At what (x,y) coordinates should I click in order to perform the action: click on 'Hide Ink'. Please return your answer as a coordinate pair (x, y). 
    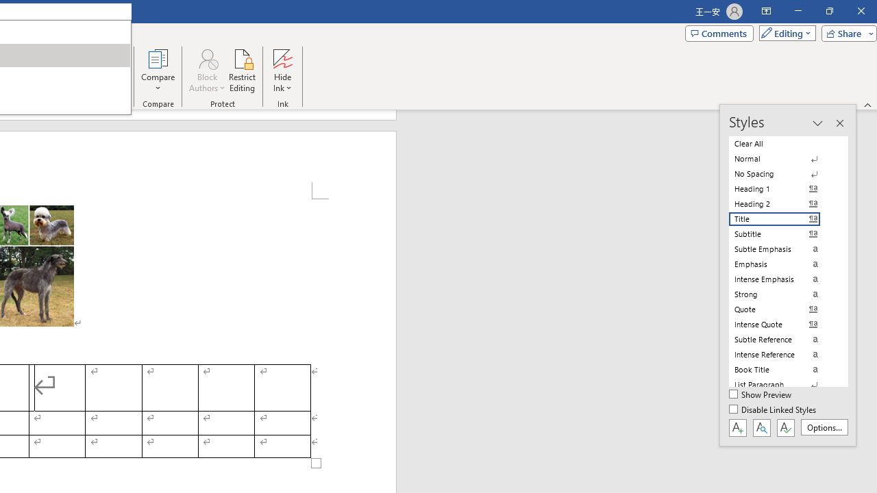
    Looking at the image, I should click on (282, 71).